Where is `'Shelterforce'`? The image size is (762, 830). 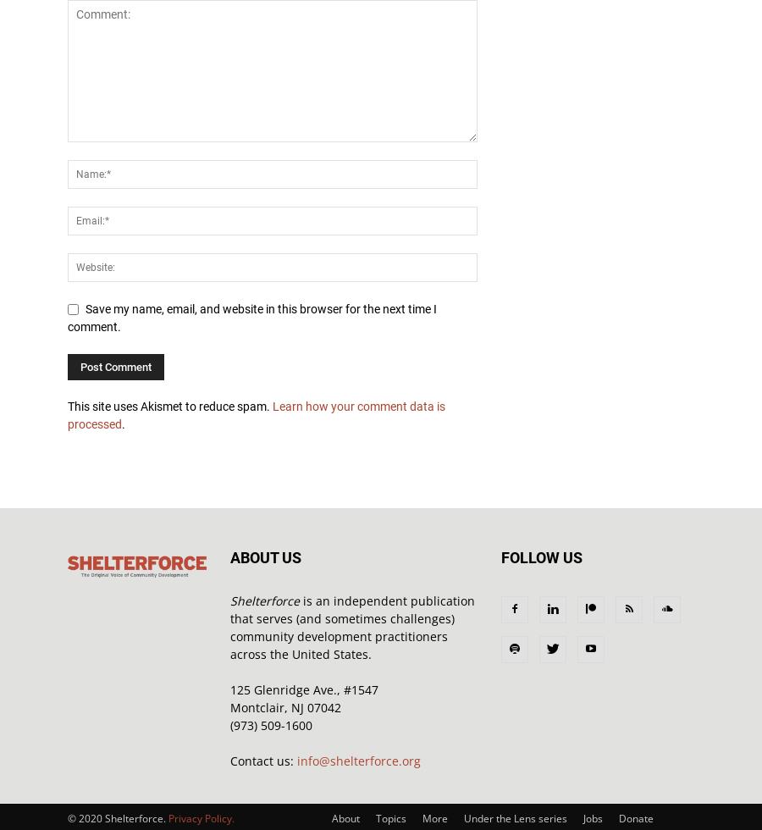
'Shelterforce' is located at coordinates (264, 600).